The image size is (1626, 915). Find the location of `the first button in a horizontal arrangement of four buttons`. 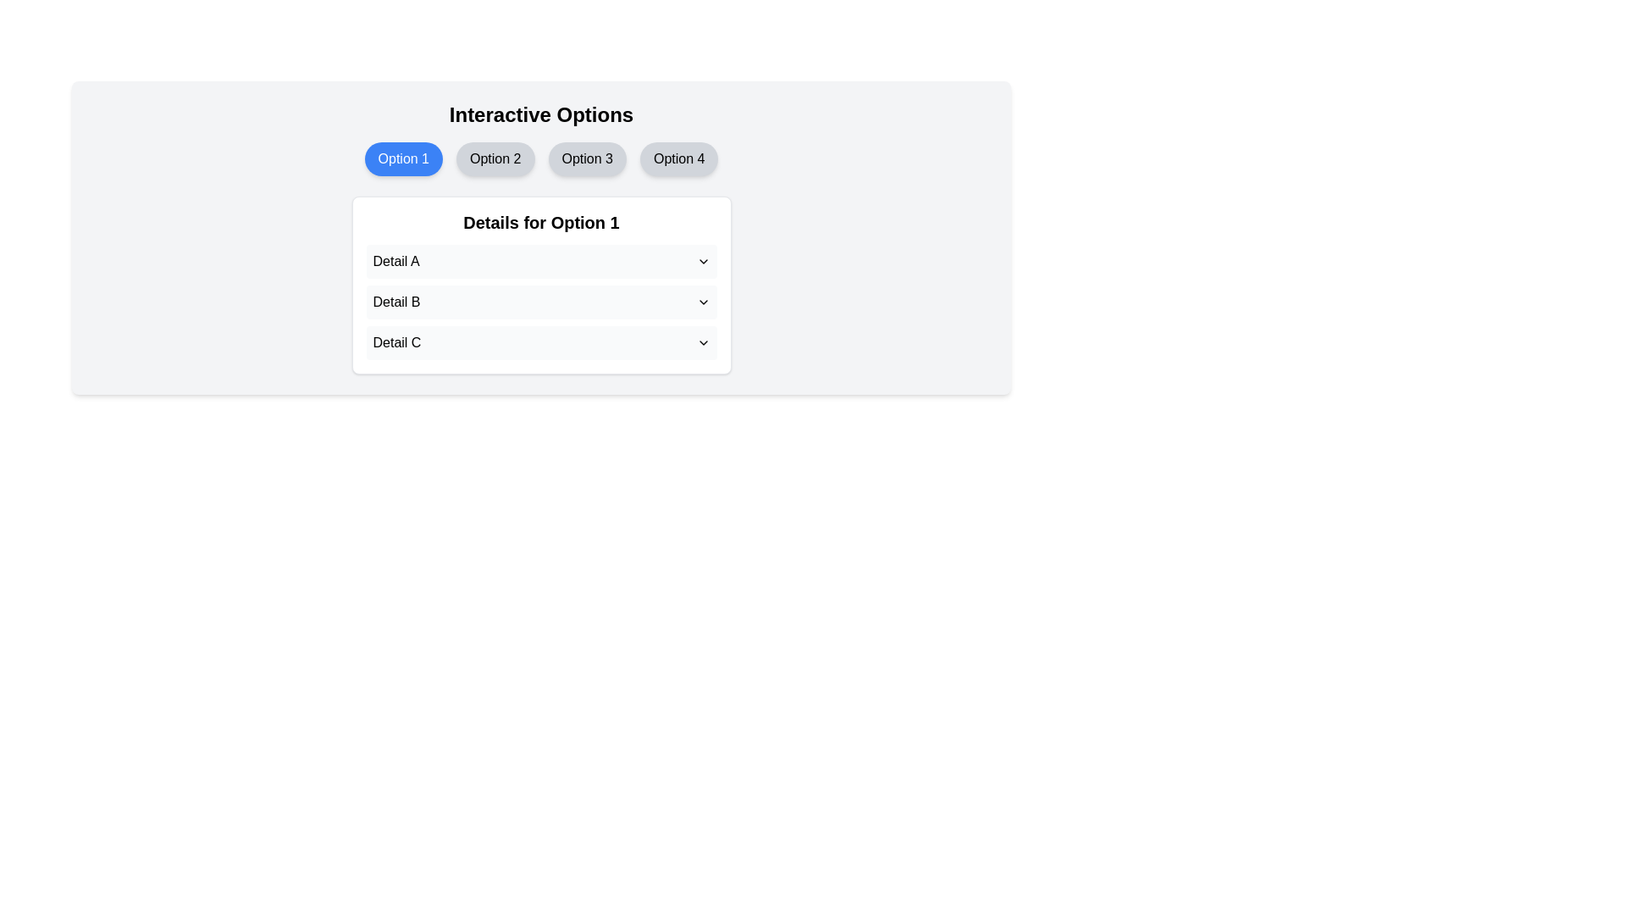

the first button in a horizontal arrangement of four buttons is located at coordinates (402, 159).